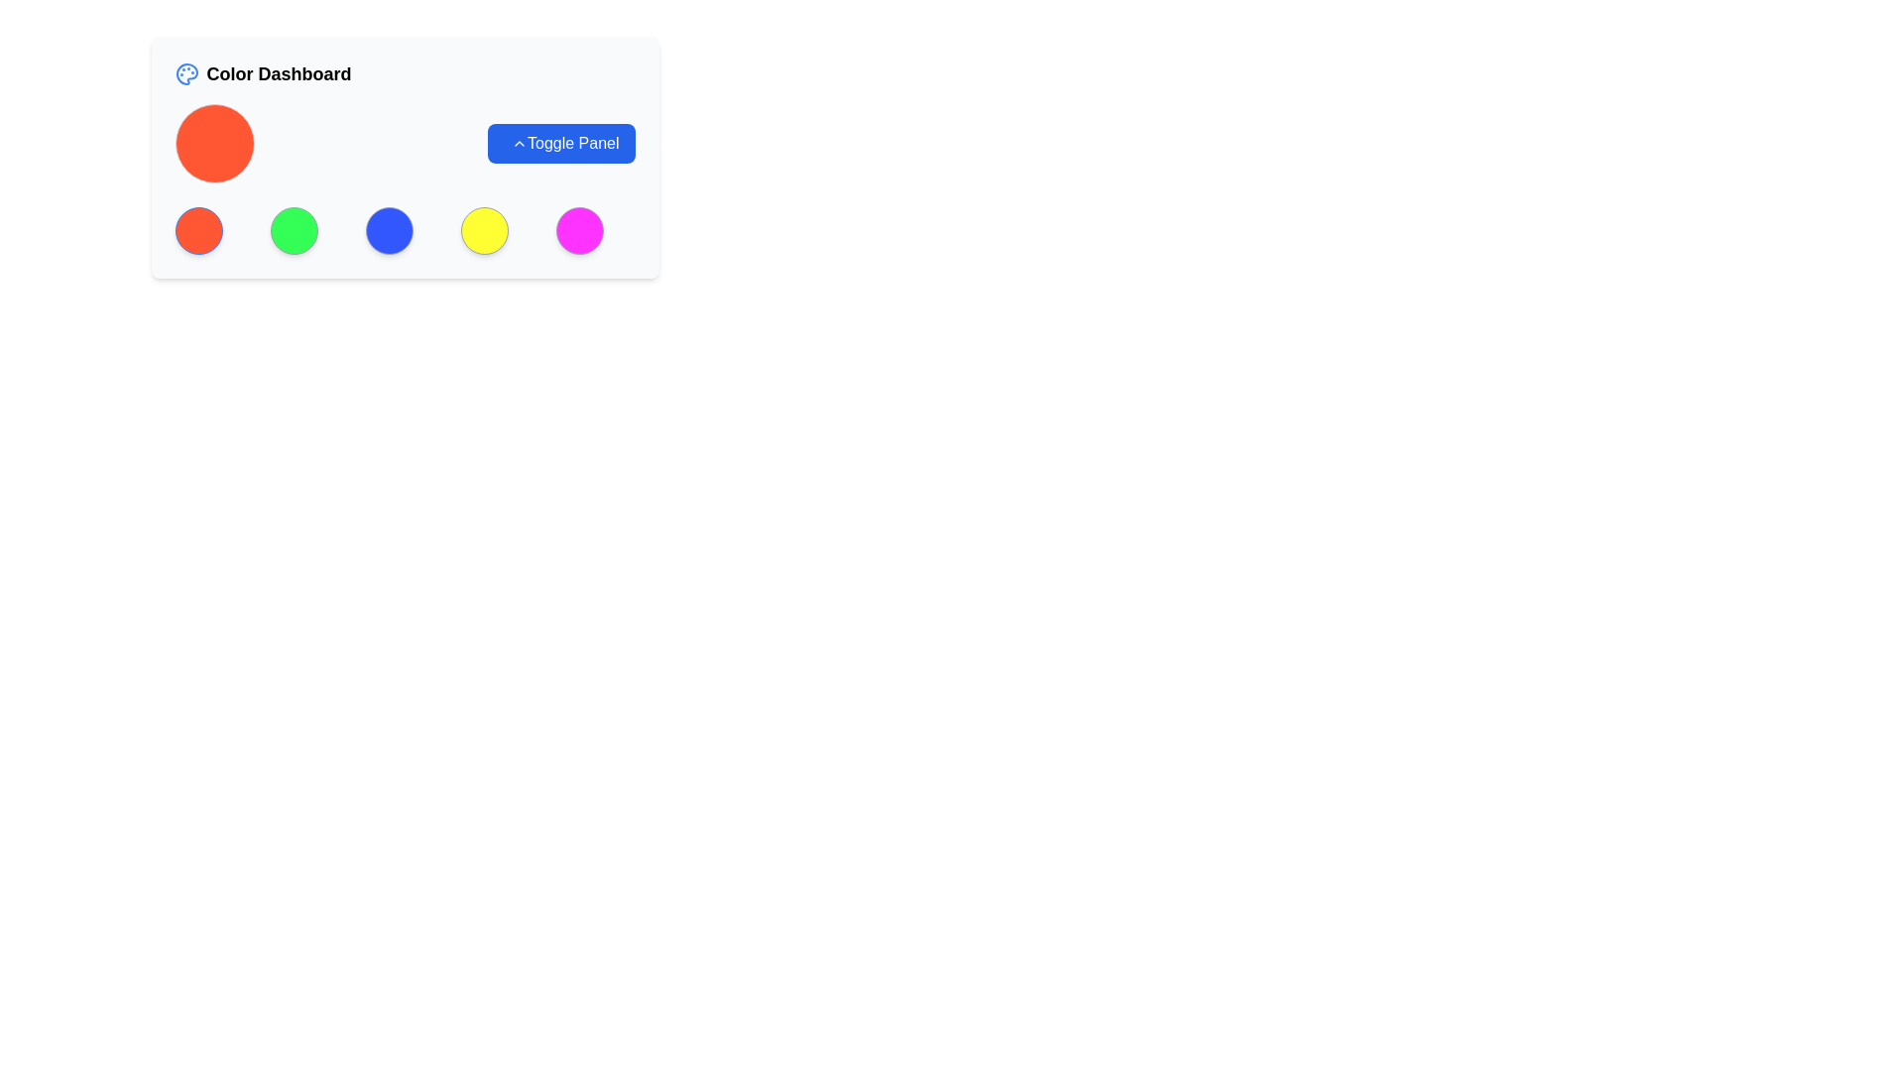 This screenshot has height=1071, width=1904. Describe the element at coordinates (389, 229) in the screenshot. I see `the third circular button in a row of five buttons for accessibility` at that location.